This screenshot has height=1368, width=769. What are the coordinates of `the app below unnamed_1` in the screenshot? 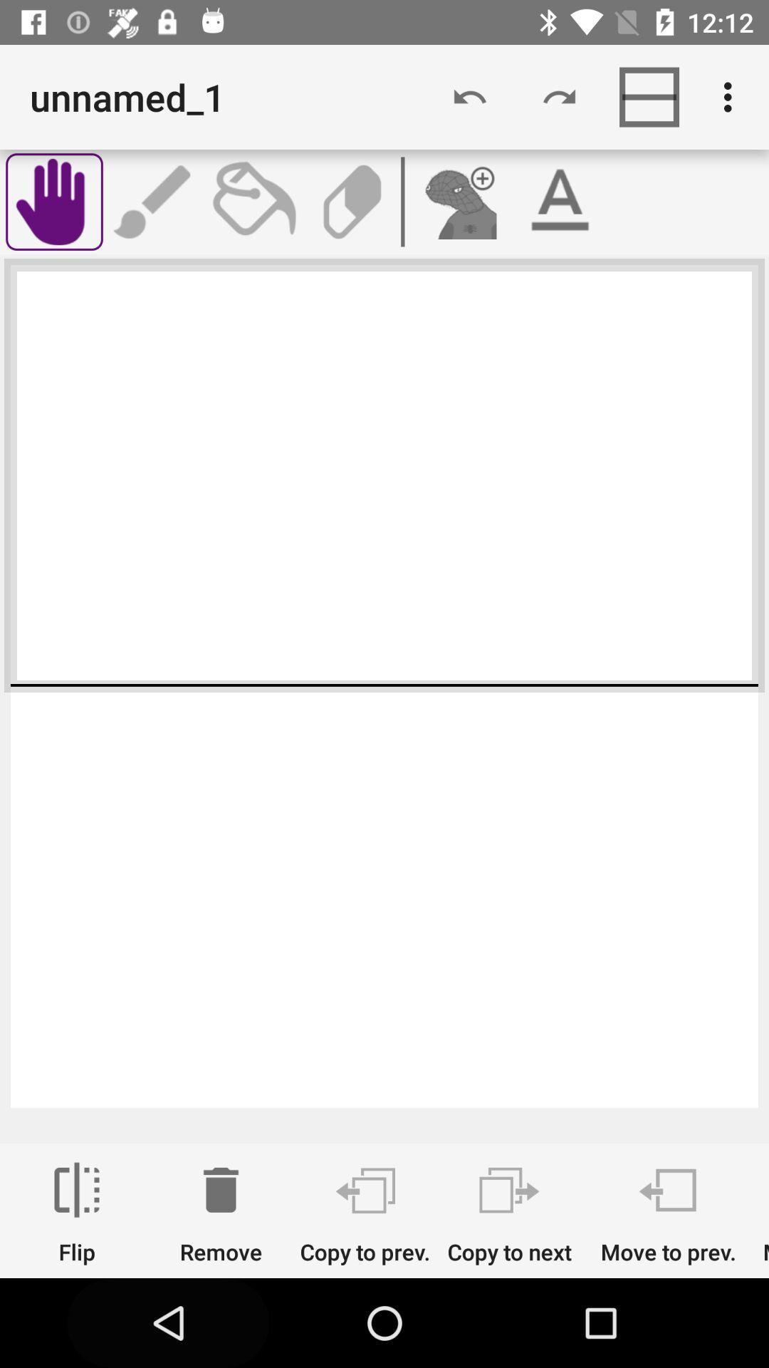 It's located at (252, 201).